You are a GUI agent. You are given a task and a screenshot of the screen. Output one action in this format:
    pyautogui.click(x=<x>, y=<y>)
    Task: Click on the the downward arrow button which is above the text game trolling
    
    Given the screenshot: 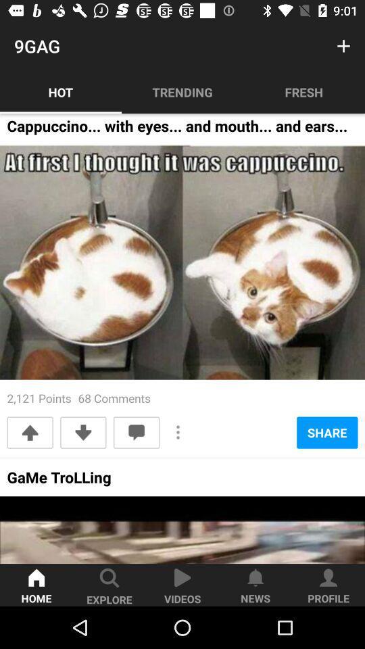 What is the action you would take?
    pyautogui.click(x=83, y=432)
    